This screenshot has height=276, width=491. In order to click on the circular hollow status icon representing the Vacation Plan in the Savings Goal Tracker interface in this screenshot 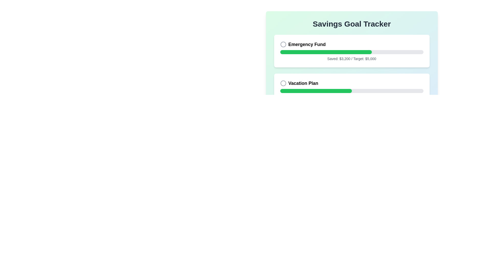, I will do `click(283, 83)`.